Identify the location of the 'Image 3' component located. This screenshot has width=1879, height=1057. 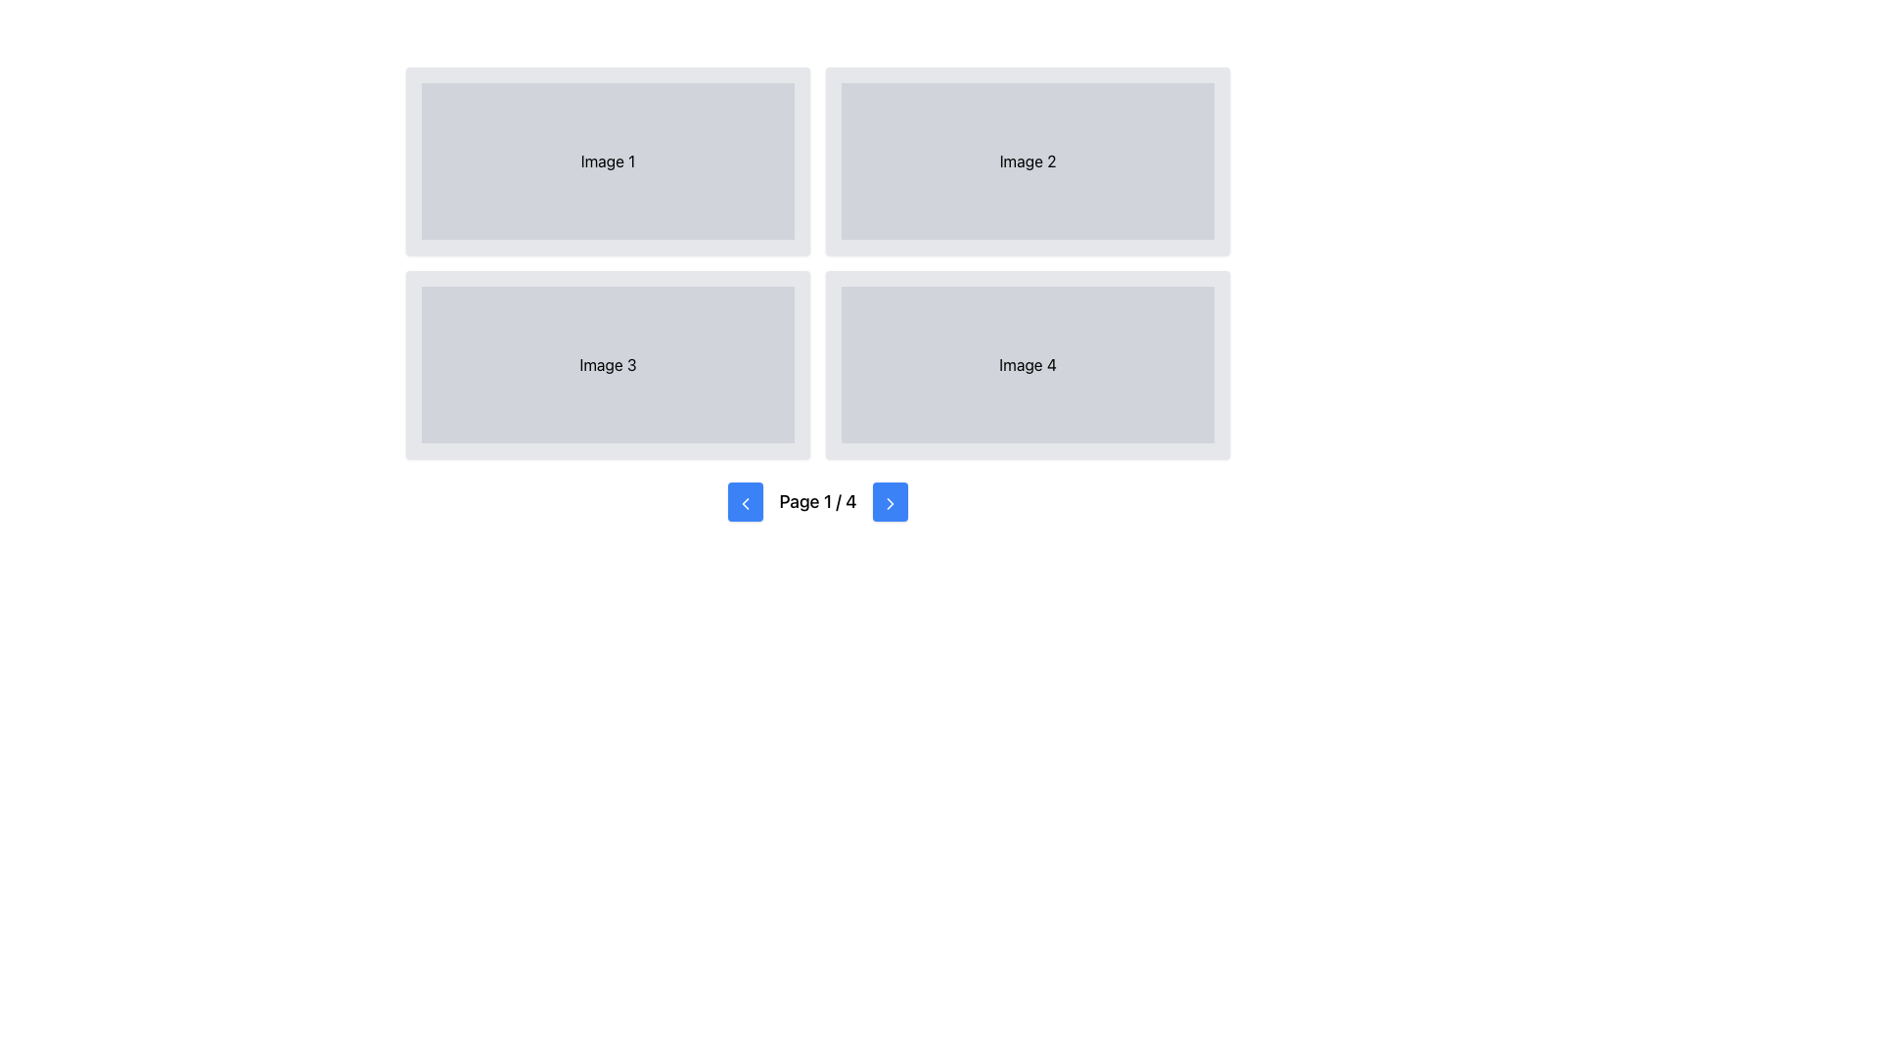
(607, 365).